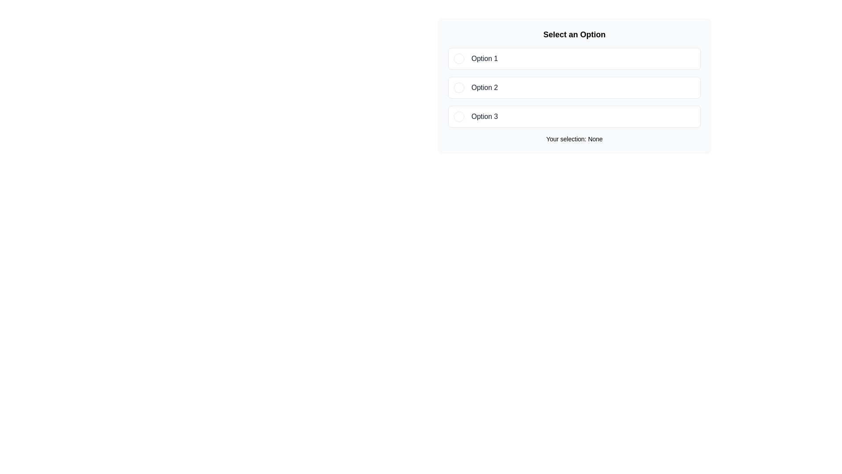 Image resolution: width=842 pixels, height=474 pixels. What do you see at coordinates (574, 59) in the screenshot?
I see `the first selectable option button labeled 'Option 1'` at bounding box center [574, 59].